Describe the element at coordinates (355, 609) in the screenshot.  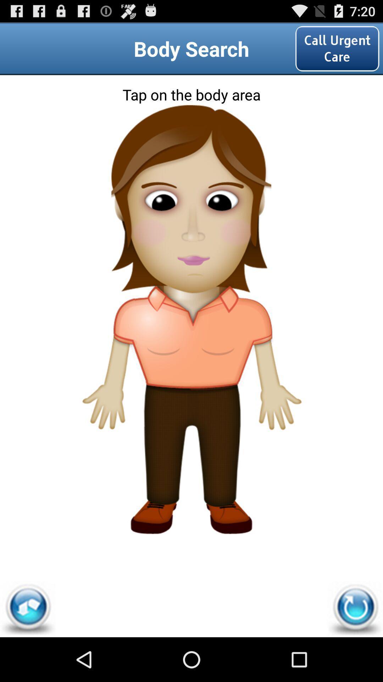
I see `app below tap on the icon` at that location.